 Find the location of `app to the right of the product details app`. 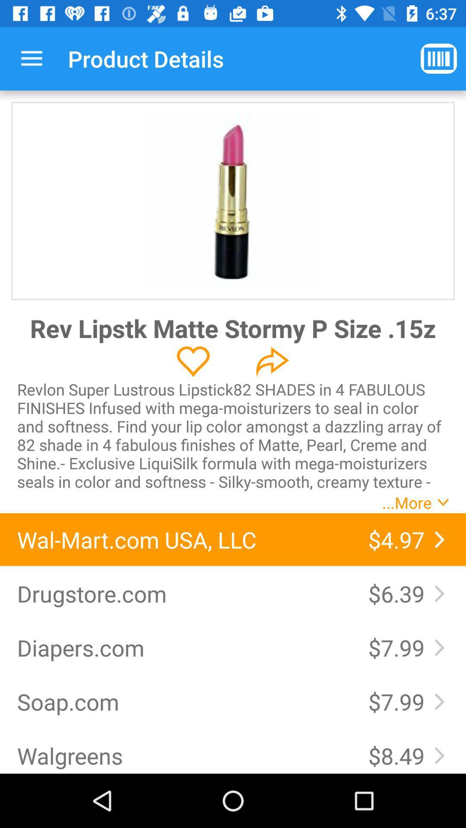

app to the right of the product details app is located at coordinates (439, 58).